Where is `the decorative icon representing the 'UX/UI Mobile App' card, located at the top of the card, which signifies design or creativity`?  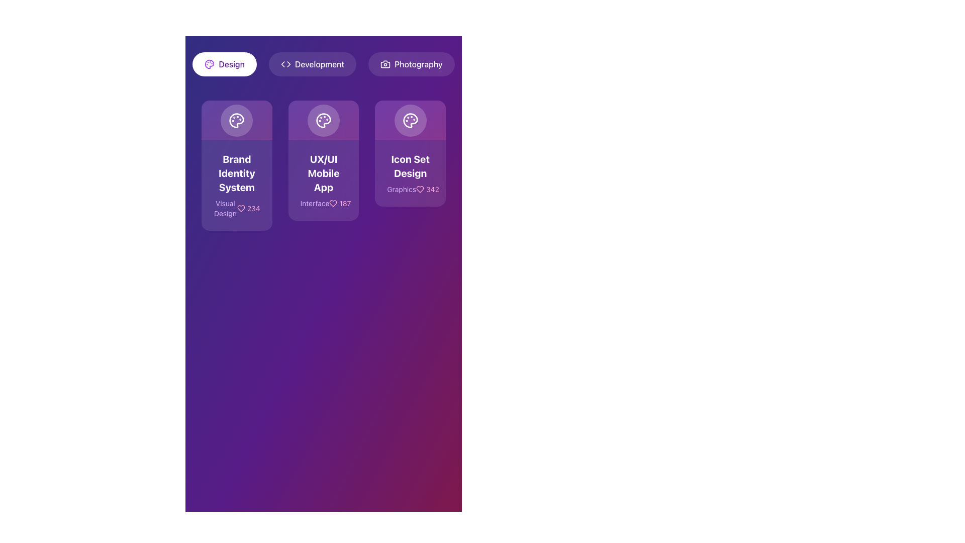
the decorative icon representing the 'UX/UI Mobile App' card, located at the top of the card, which signifies design or creativity is located at coordinates (323, 120).